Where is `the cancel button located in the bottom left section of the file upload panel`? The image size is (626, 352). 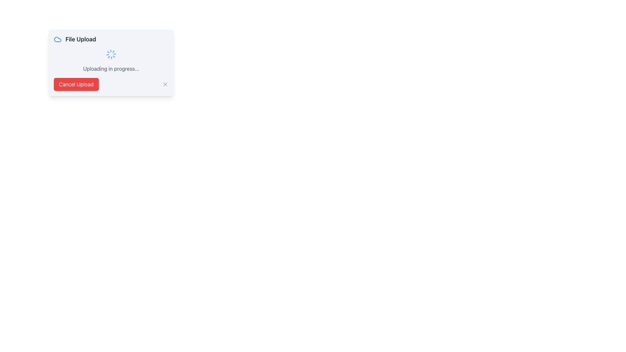
the cancel button located in the bottom left section of the file upload panel is located at coordinates (76, 84).